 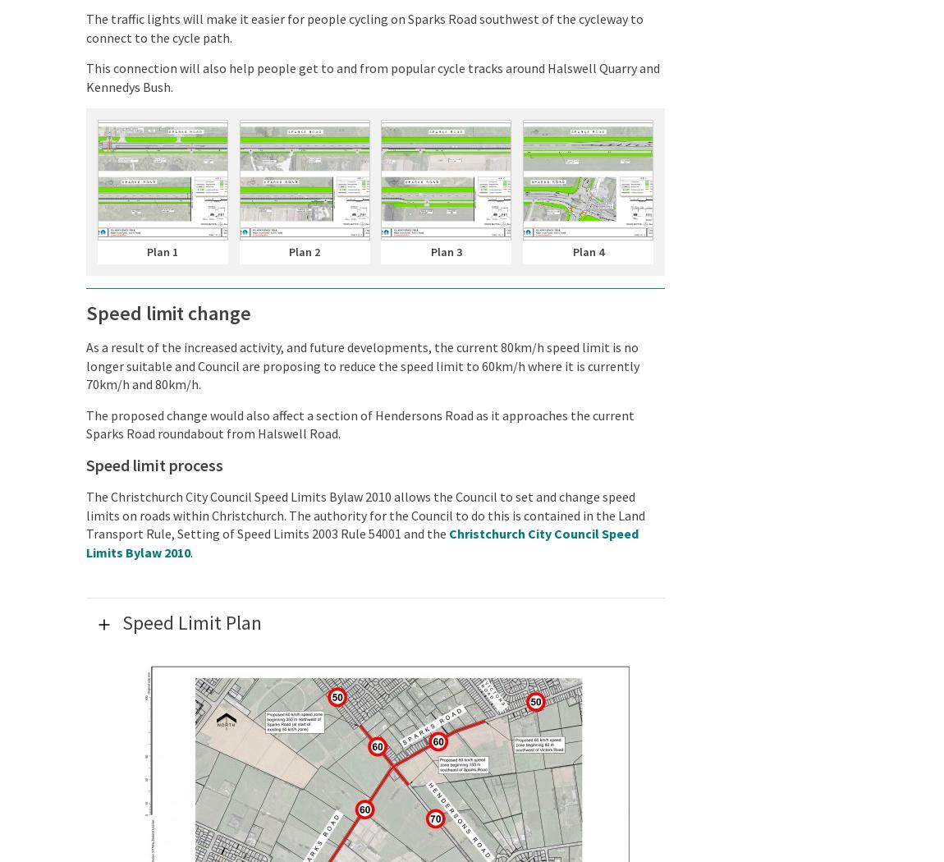 What do you see at coordinates (190, 551) in the screenshot?
I see `'.'` at bounding box center [190, 551].